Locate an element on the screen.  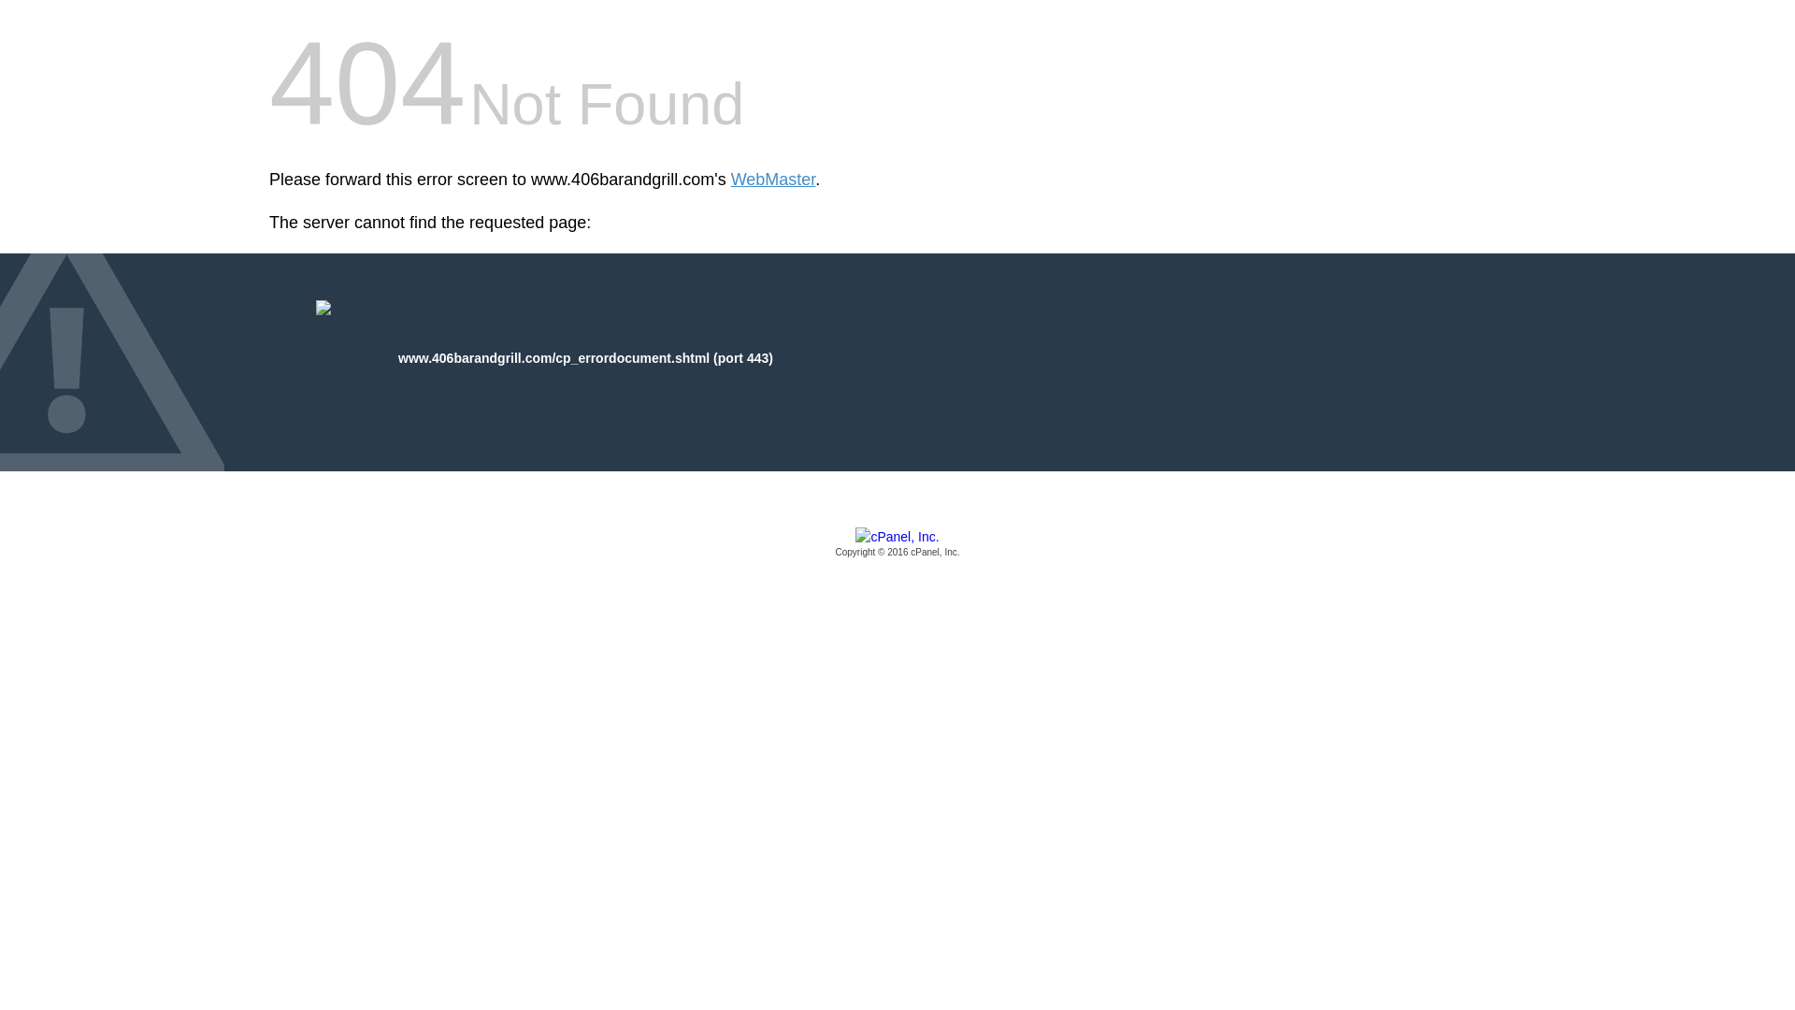
'WebMaster' is located at coordinates (773, 180).